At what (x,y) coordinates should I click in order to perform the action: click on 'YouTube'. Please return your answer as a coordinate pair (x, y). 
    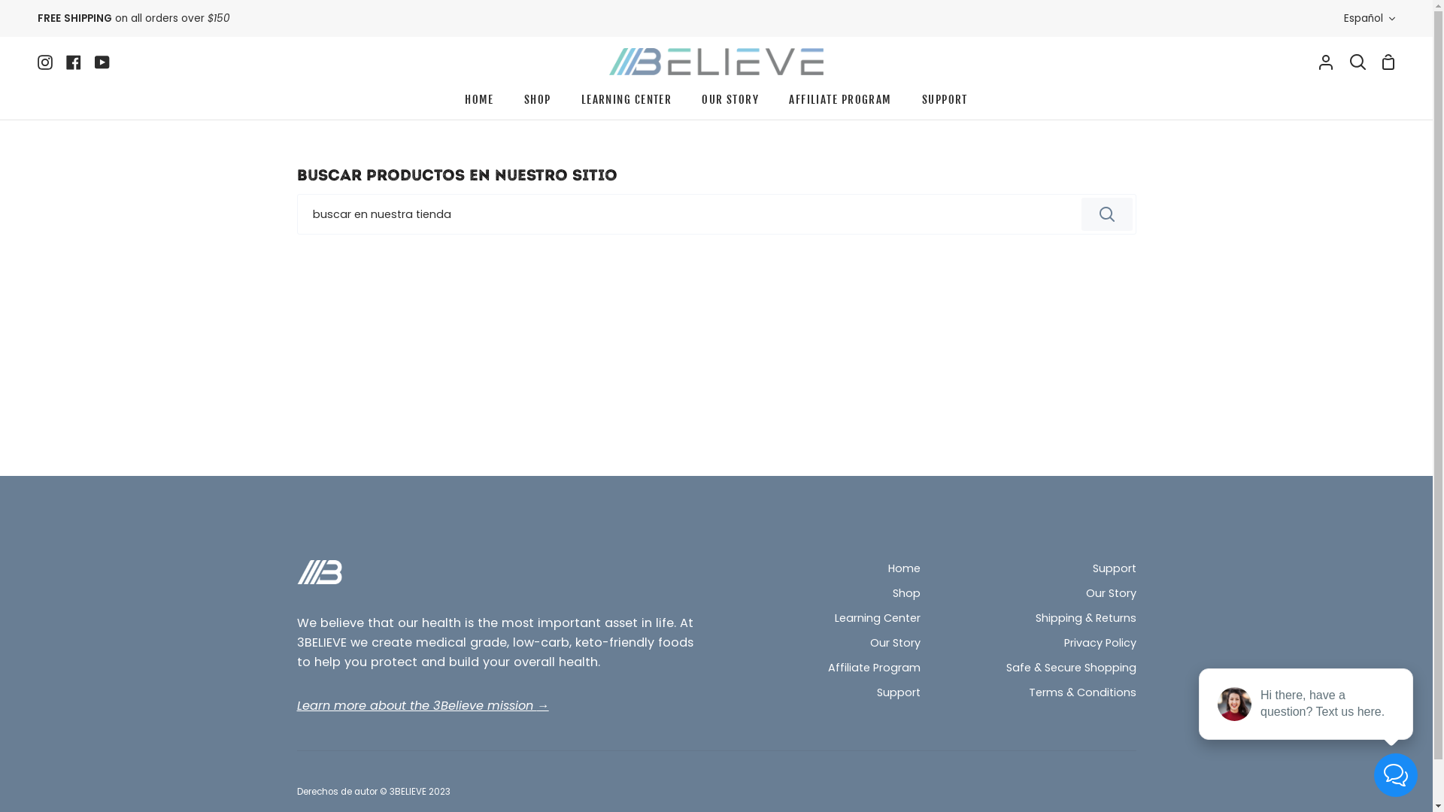
    Looking at the image, I should click on (101, 60).